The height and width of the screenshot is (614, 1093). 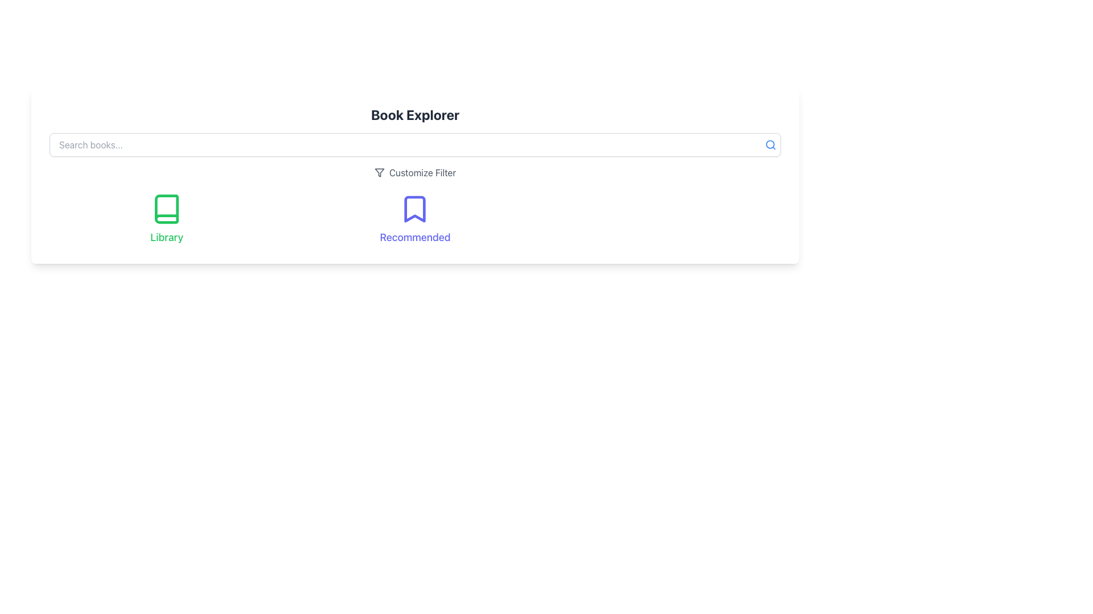 What do you see at coordinates (166, 209) in the screenshot?
I see `the green book icon located above the 'Library' text label in the flex column layout` at bounding box center [166, 209].